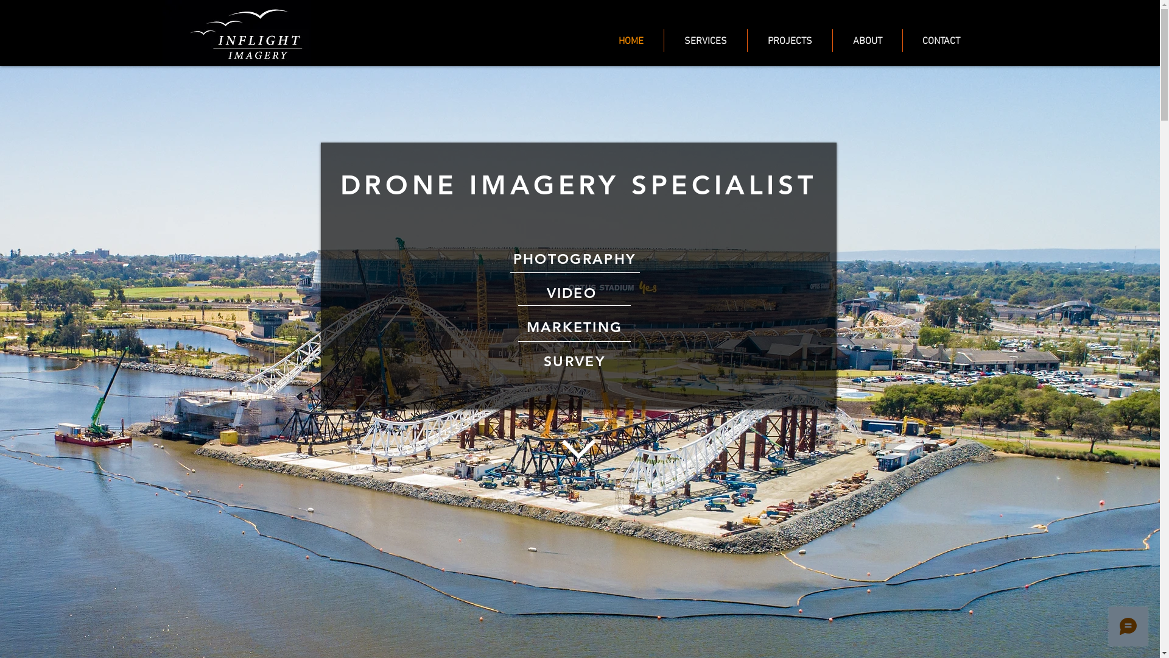 Image resolution: width=1169 pixels, height=658 pixels. Describe the element at coordinates (790, 40) in the screenshot. I see `'PROJECTS'` at that location.